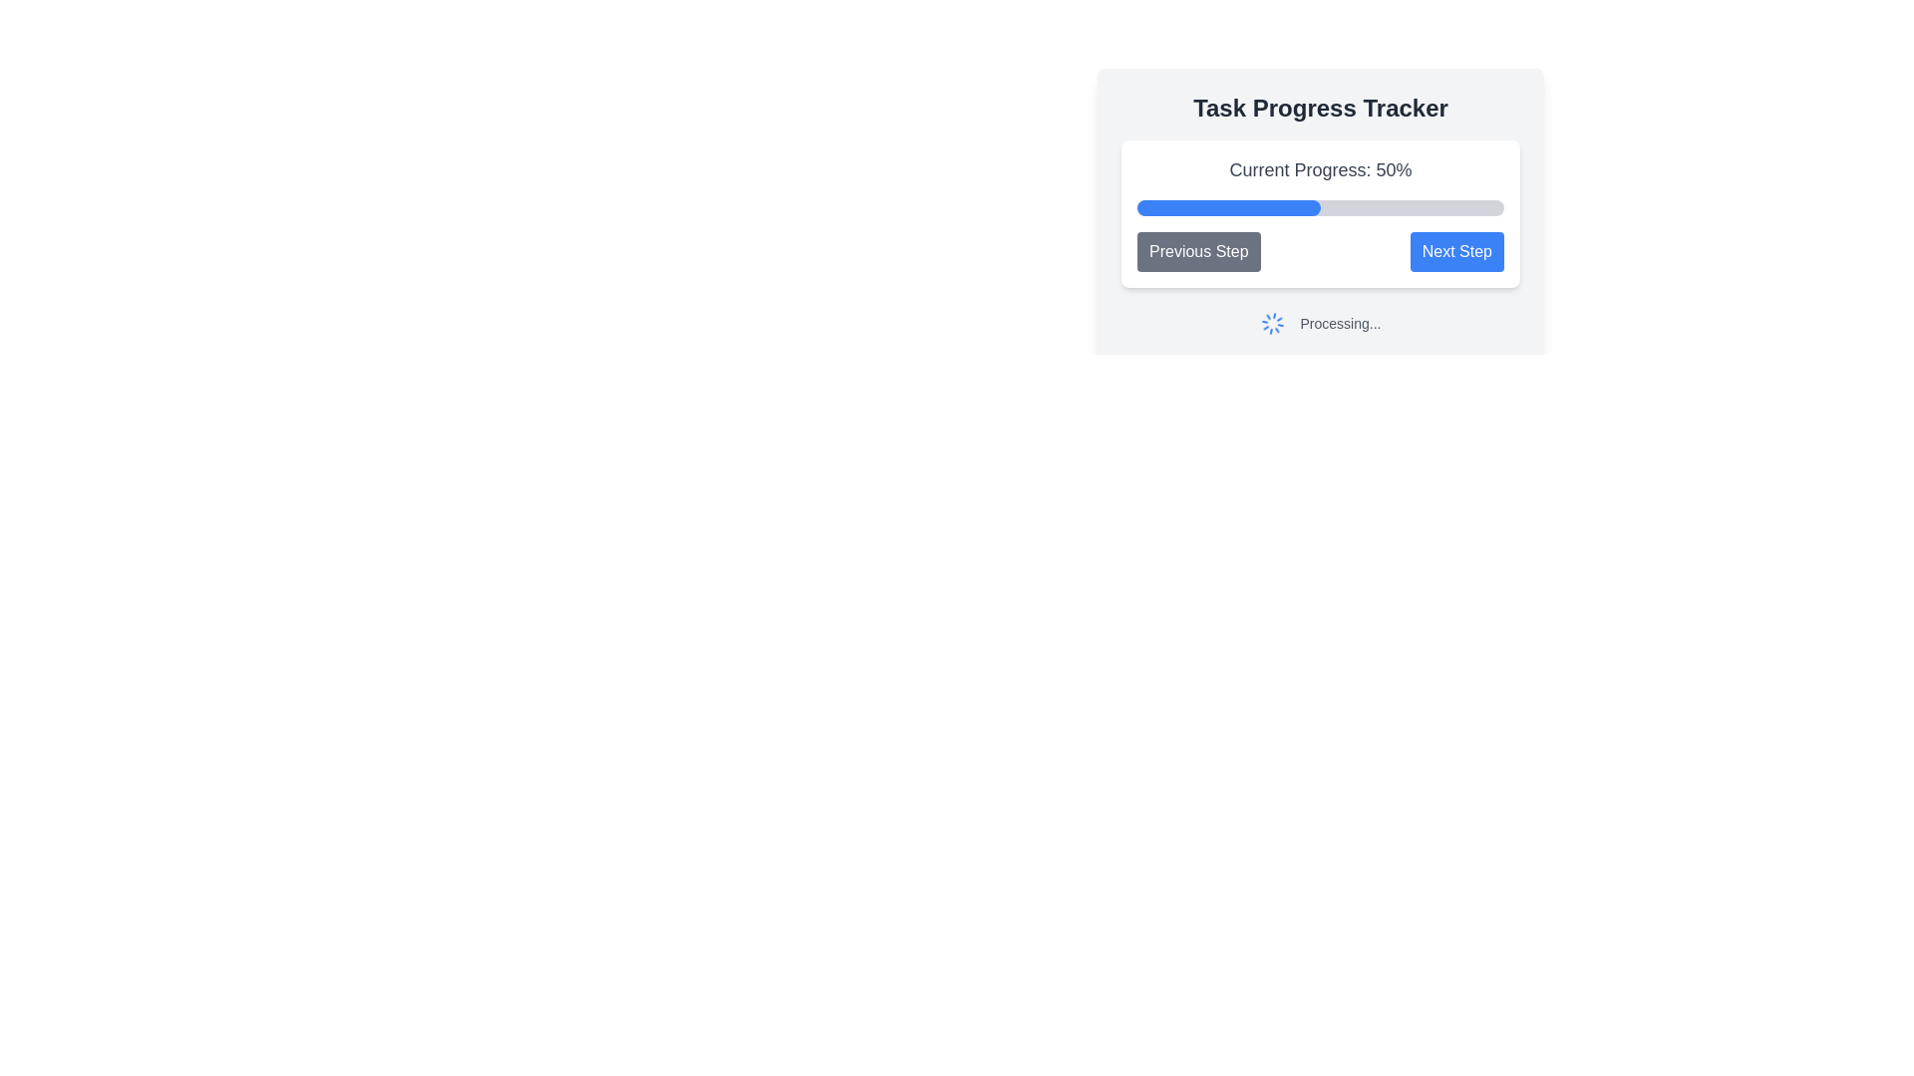 Image resolution: width=1914 pixels, height=1076 pixels. What do you see at coordinates (1320, 168) in the screenshot?
I see `the Text label that displays the current progress status, located above the progress bar and navigation buttons within a central white card box` at bounding box center [1320, 168].